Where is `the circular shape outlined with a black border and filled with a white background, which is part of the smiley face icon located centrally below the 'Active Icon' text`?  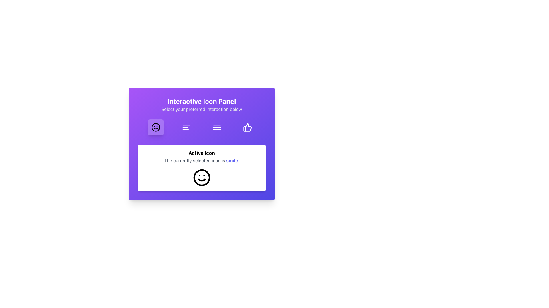
the circular shape outlined with a black border and filled with a white background, which is part of the smiley face icon located centrally below the 'Active Icon' text is located at coordinates (202, 177).